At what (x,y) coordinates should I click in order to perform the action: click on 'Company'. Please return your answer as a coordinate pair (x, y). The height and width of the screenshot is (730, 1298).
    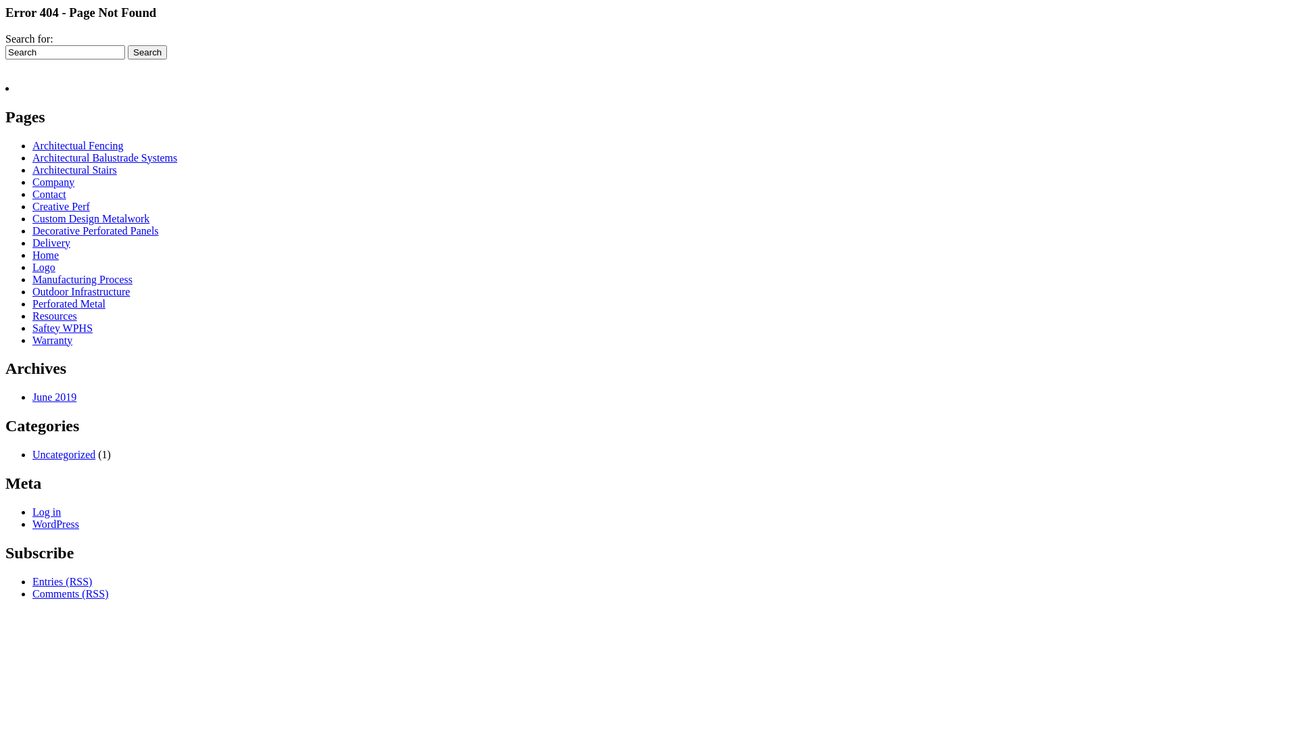
    Looking at the image, I should click on (53, 181).